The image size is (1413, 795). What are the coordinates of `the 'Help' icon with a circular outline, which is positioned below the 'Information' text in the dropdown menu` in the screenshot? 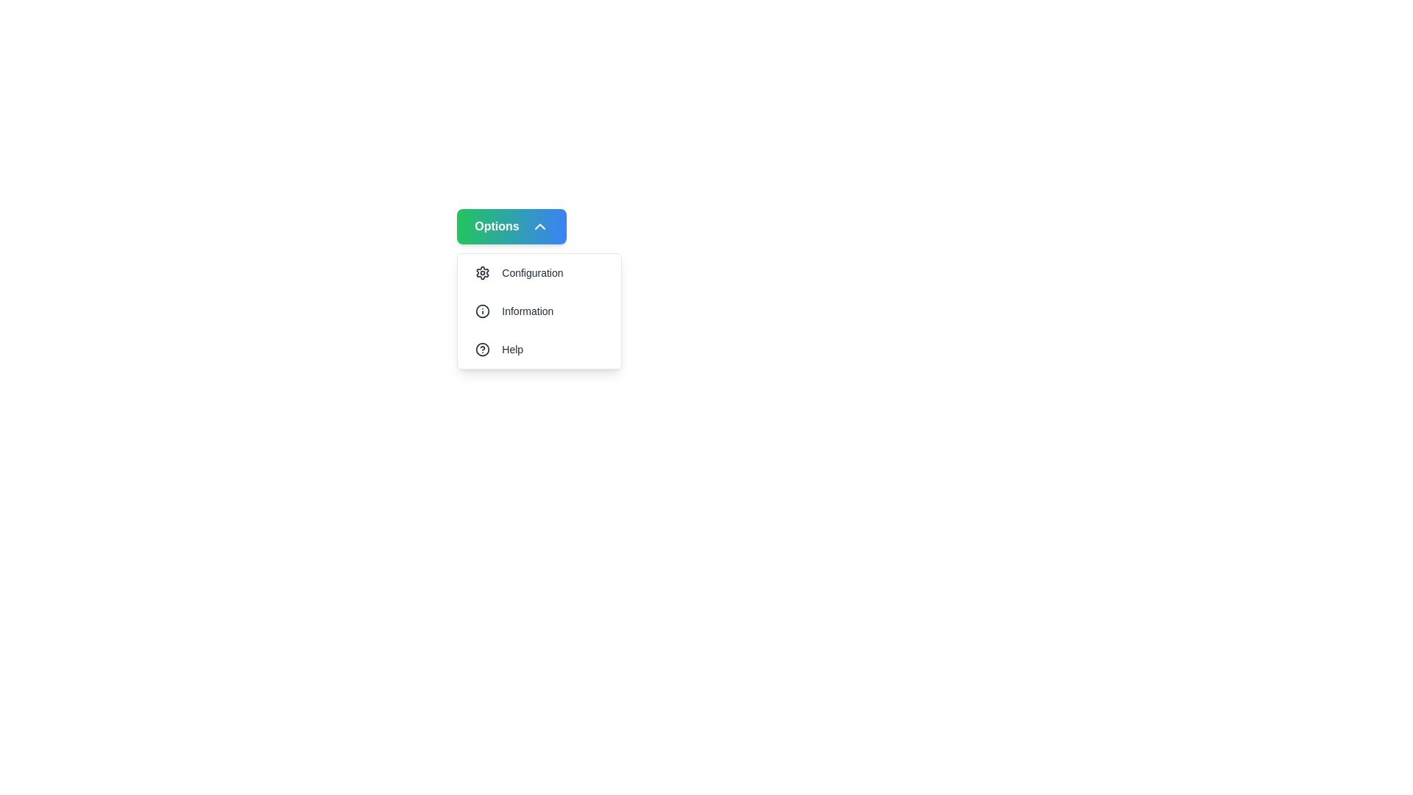 It's located at (483, 349).